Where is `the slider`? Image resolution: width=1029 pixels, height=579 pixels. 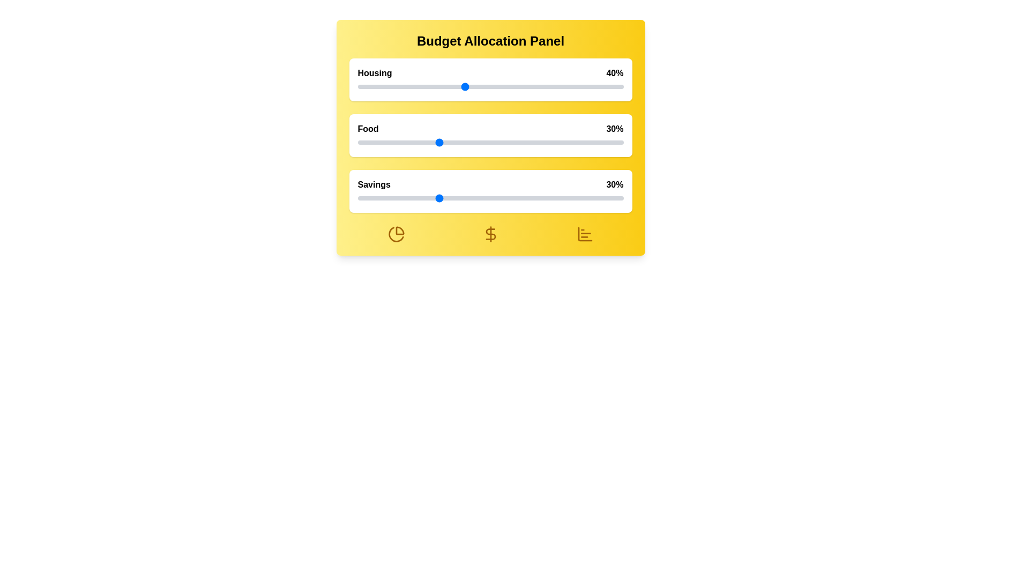
the slider is located at coordinates (371, 142).